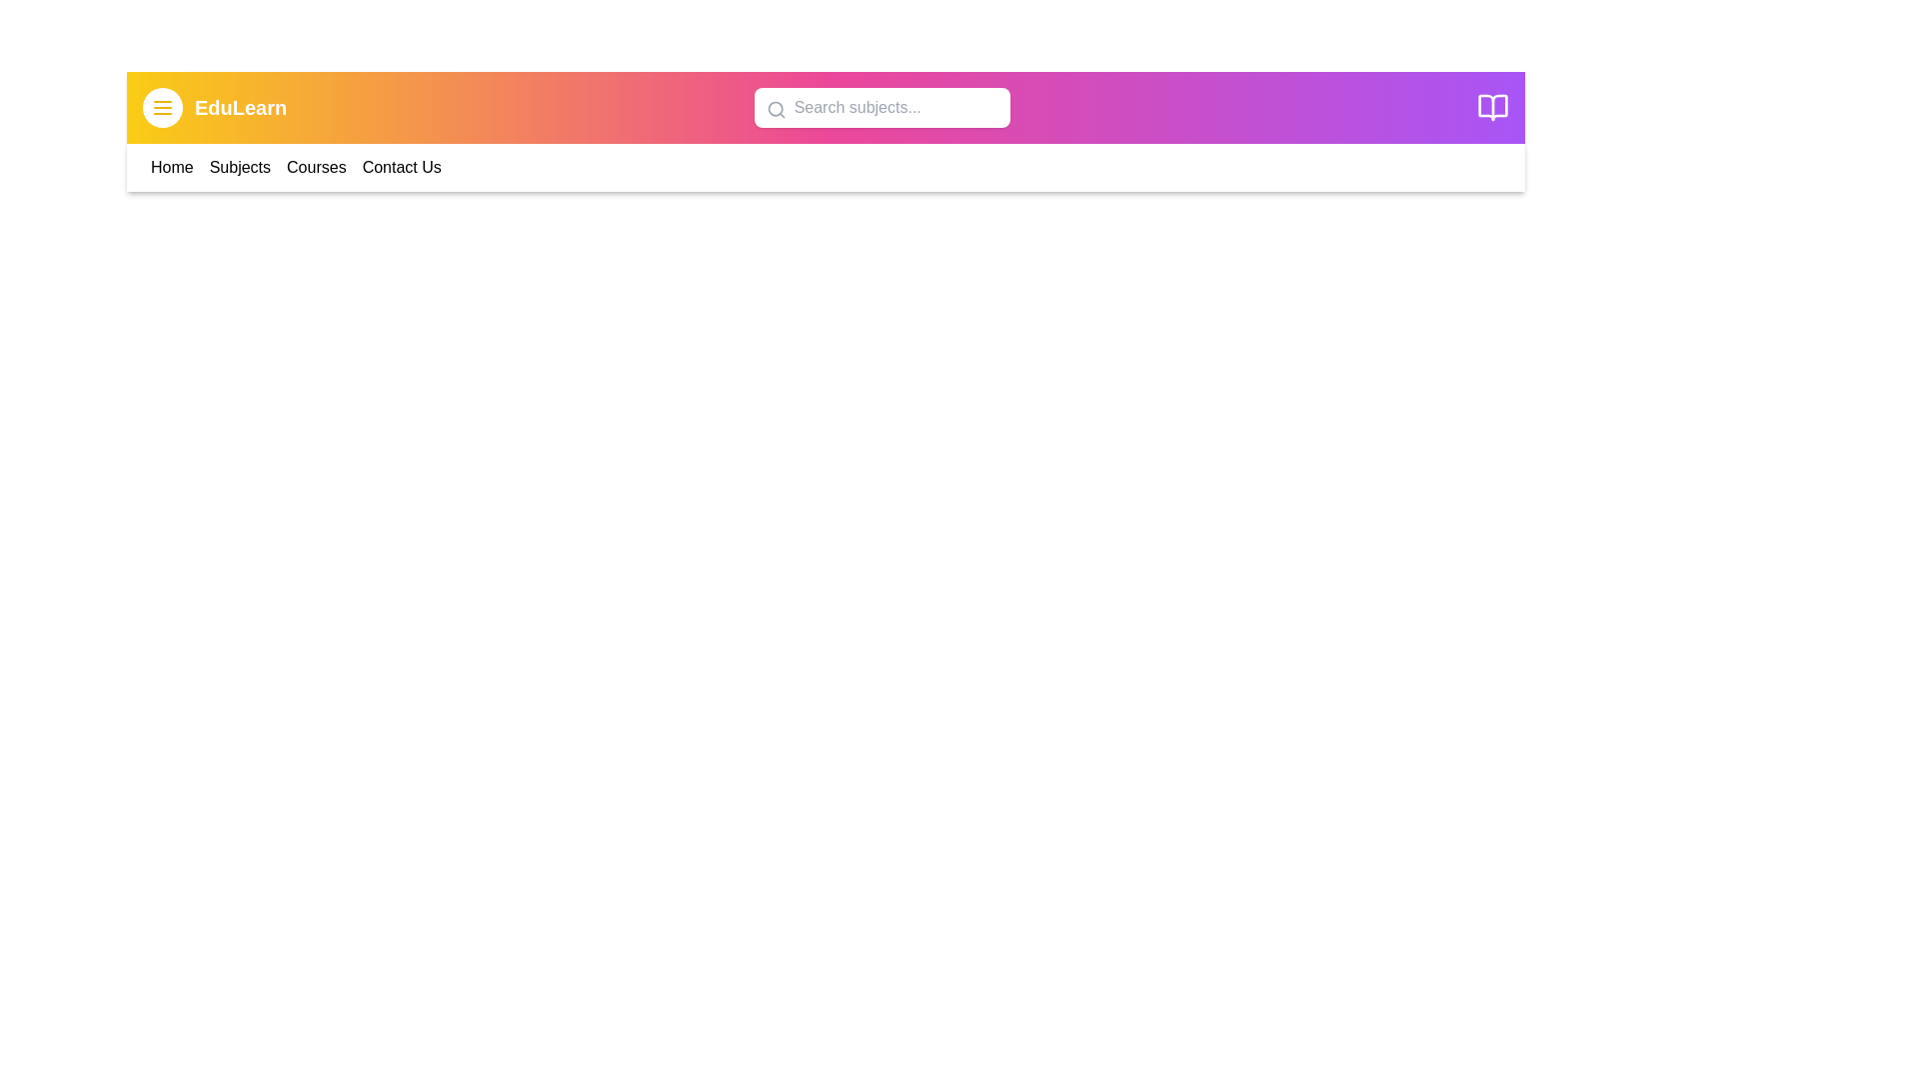 This screenshot has height=1079, width=1919. Describe the element at coordinates (775, 110) in the screenshot. I see `the search icon to initiate a search action` at that location.